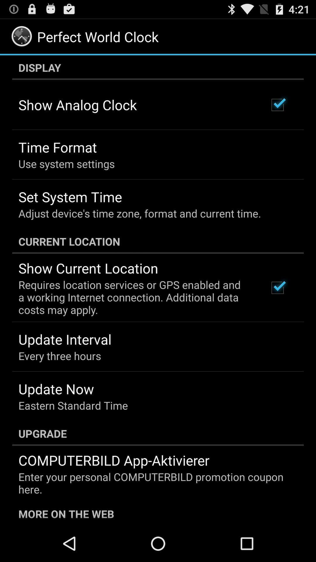 The height and width of the screenshot is (562, 316). What do you see at coordinates (60, 355) in the screenshot?
I see `the app above update now icon` at bounding box center [60, 355].